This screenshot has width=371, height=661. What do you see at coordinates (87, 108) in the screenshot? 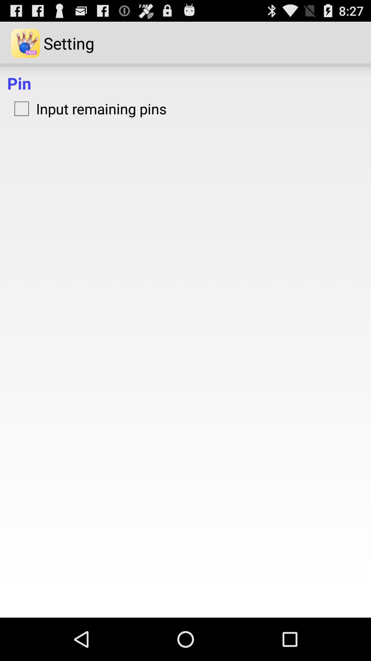
I see `input remaining pins checkbox` at bounding box center [87, 108].